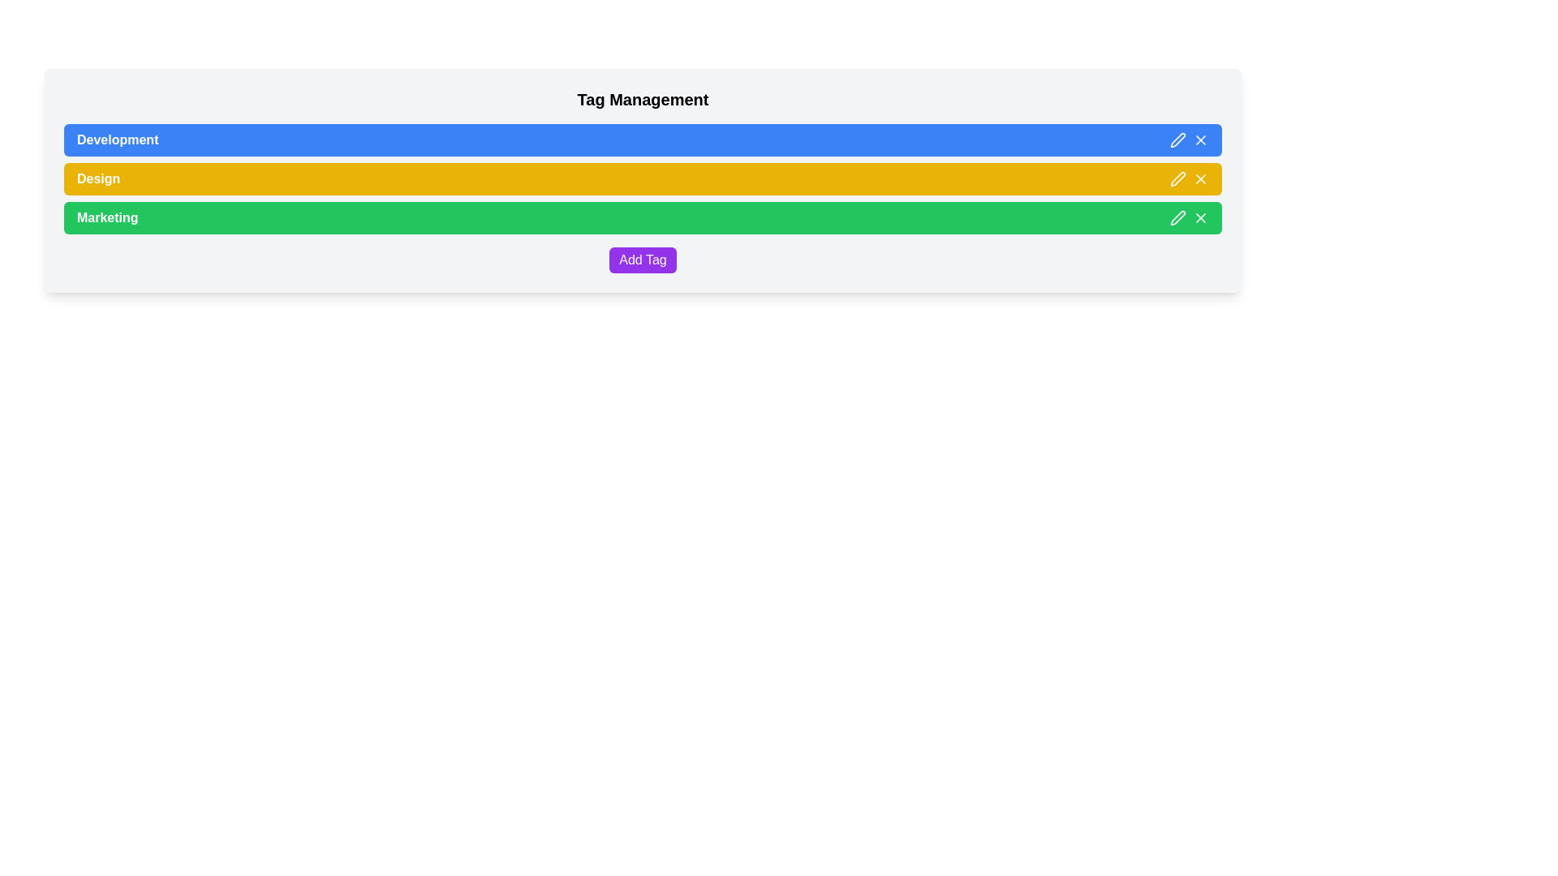 This screenshot has width=1558, height=876. I want to click on the delete button located on the right end of the yellow horizontal bar labeled 'Design', so click(1200, 178).